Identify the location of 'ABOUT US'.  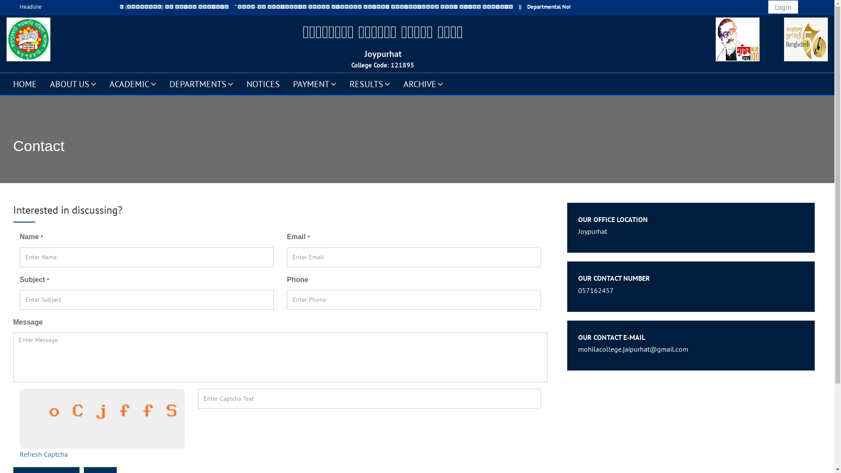
(73, 84).